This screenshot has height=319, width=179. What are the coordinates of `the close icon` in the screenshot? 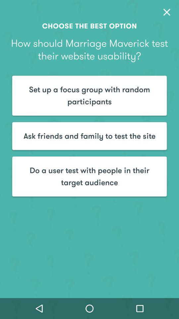 It's located at (166, 12).